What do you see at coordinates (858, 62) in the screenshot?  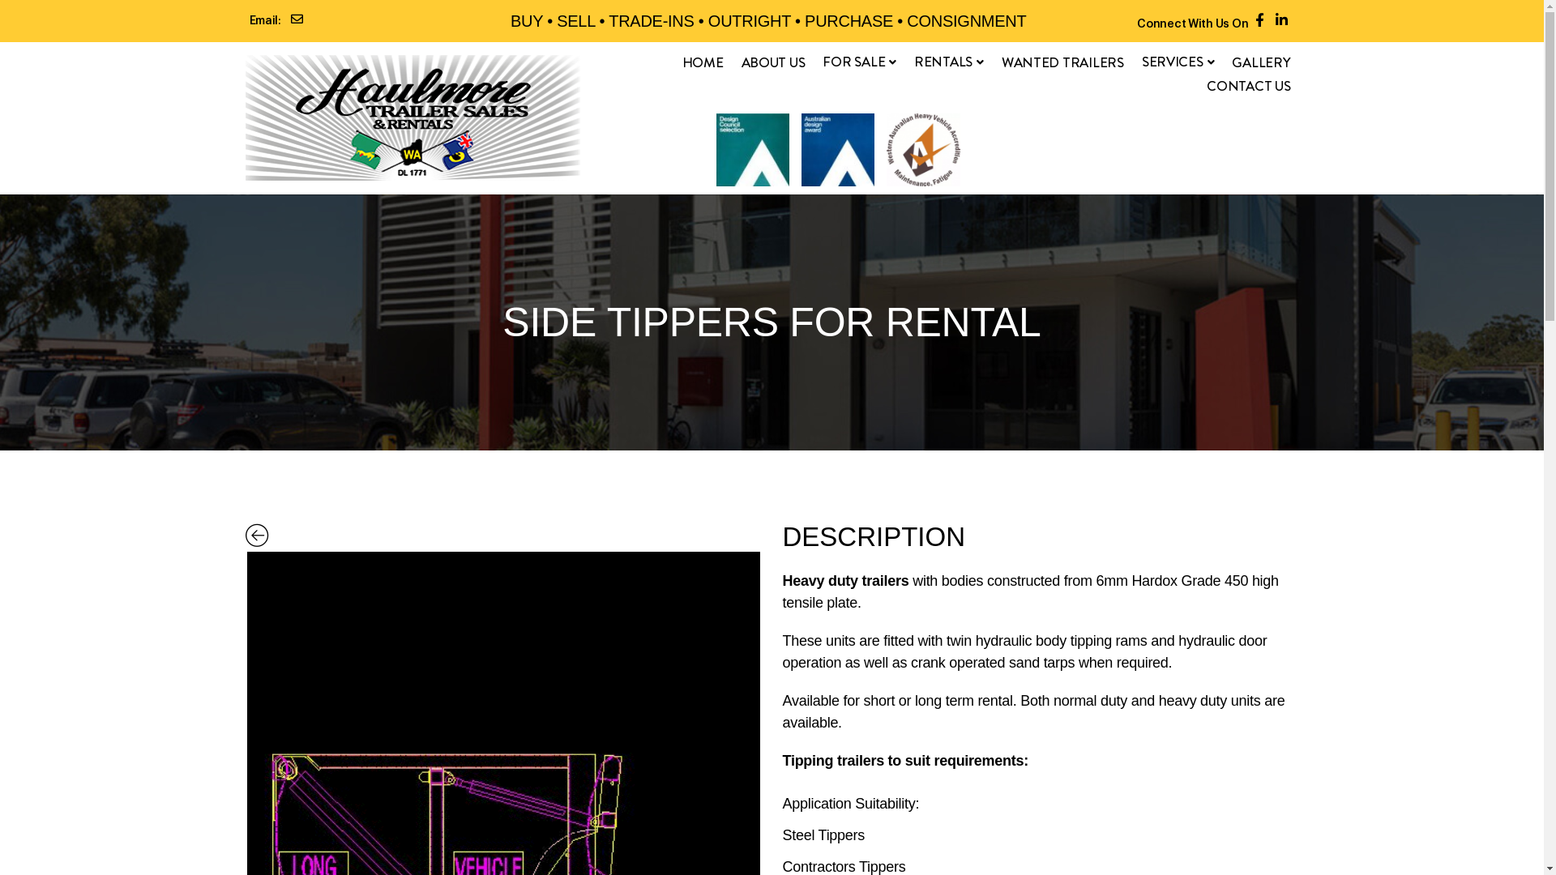 I see `'FOR SALE'` at bounding box center [858, 62].